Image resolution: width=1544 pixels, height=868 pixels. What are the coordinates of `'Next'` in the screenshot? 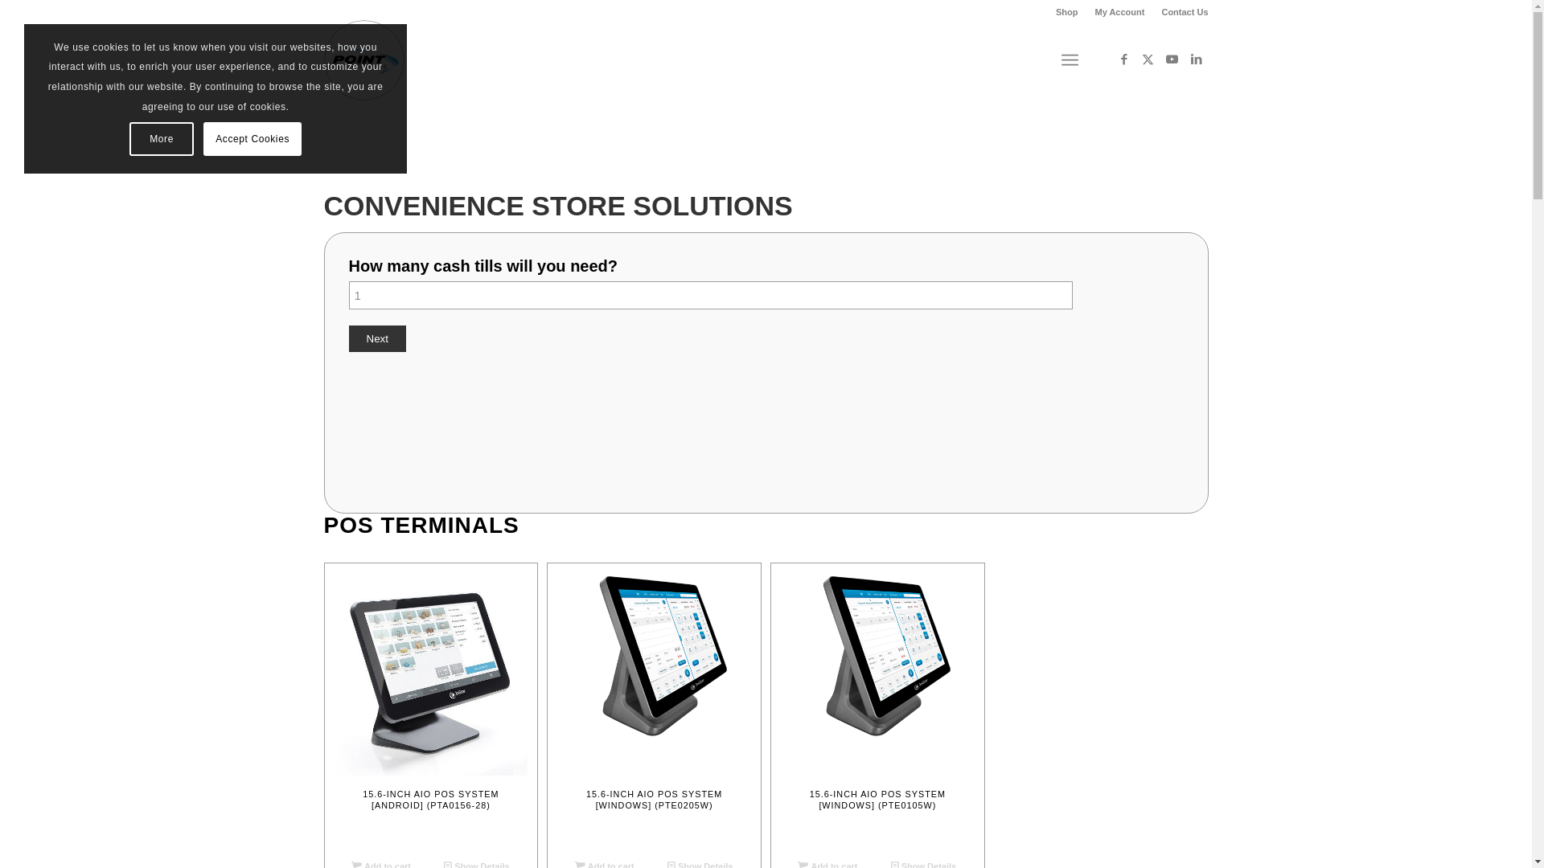 It's located at (376, 338).